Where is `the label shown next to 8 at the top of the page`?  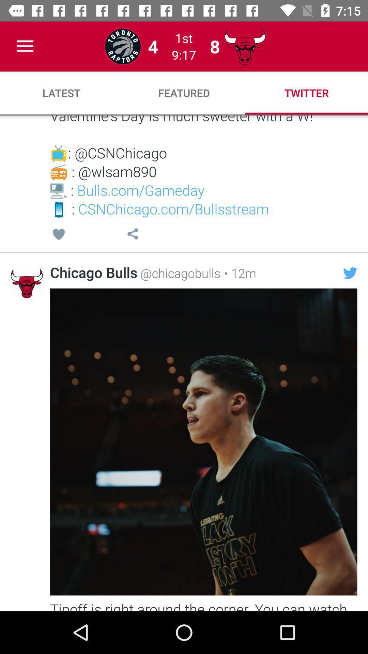
the label shown next to 8 at the top of the page is located at coordinates (245, 46).